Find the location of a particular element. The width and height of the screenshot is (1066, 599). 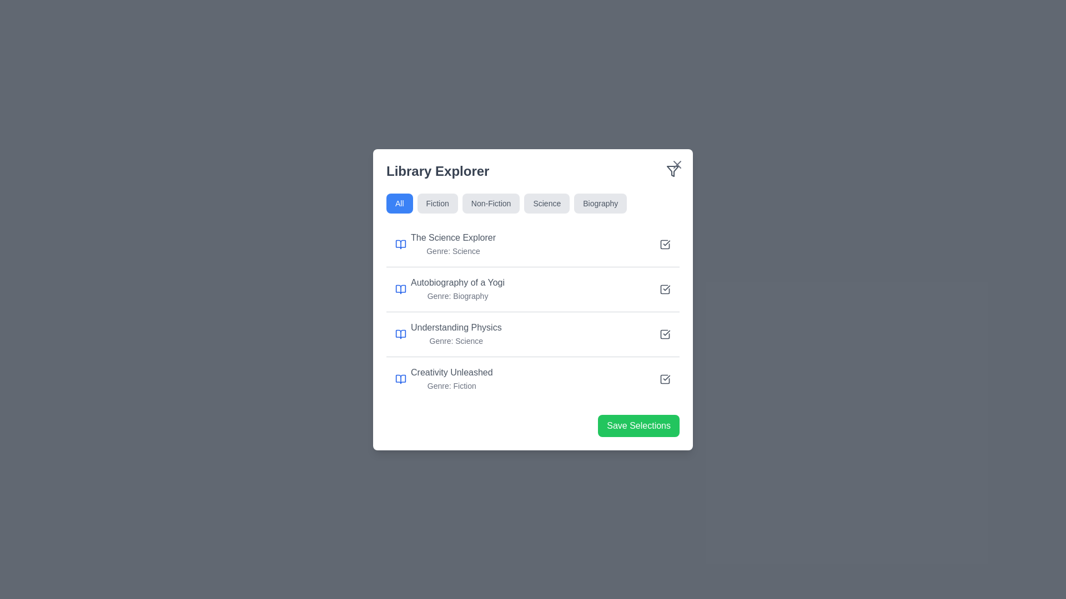

the horizontal tab bar located beneath the title 'Library Explorer' is located at coordinates (533, 203).